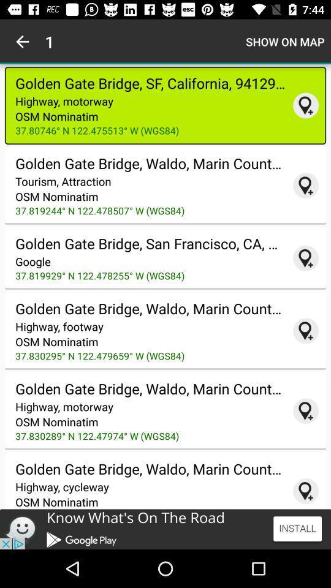  What do you see at coordinates (305, 186) in the screenshot?
I see `place marker on the location` at bounding box center [305, 186].